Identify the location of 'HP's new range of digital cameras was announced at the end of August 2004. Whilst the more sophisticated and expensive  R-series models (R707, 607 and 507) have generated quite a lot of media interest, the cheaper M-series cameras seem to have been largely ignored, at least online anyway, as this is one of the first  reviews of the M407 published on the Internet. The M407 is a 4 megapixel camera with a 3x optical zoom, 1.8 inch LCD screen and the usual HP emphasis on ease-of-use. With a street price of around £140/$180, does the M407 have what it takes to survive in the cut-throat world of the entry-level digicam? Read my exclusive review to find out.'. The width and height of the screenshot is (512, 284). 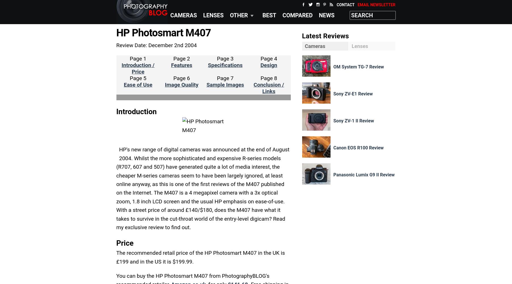
(202, 188).